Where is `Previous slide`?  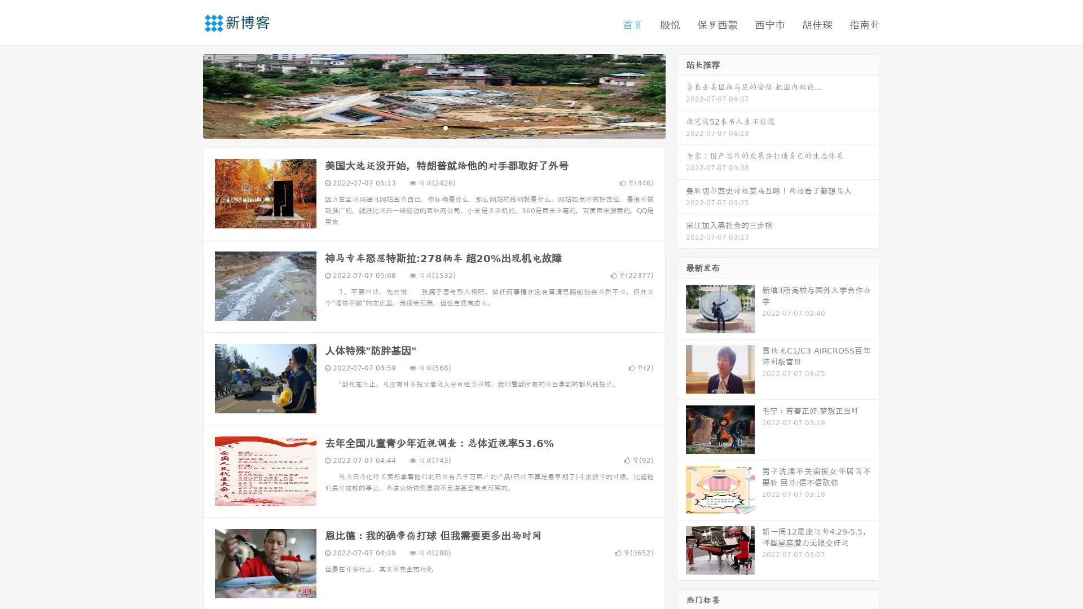 Previous slide is located at coordinates (186, 95).